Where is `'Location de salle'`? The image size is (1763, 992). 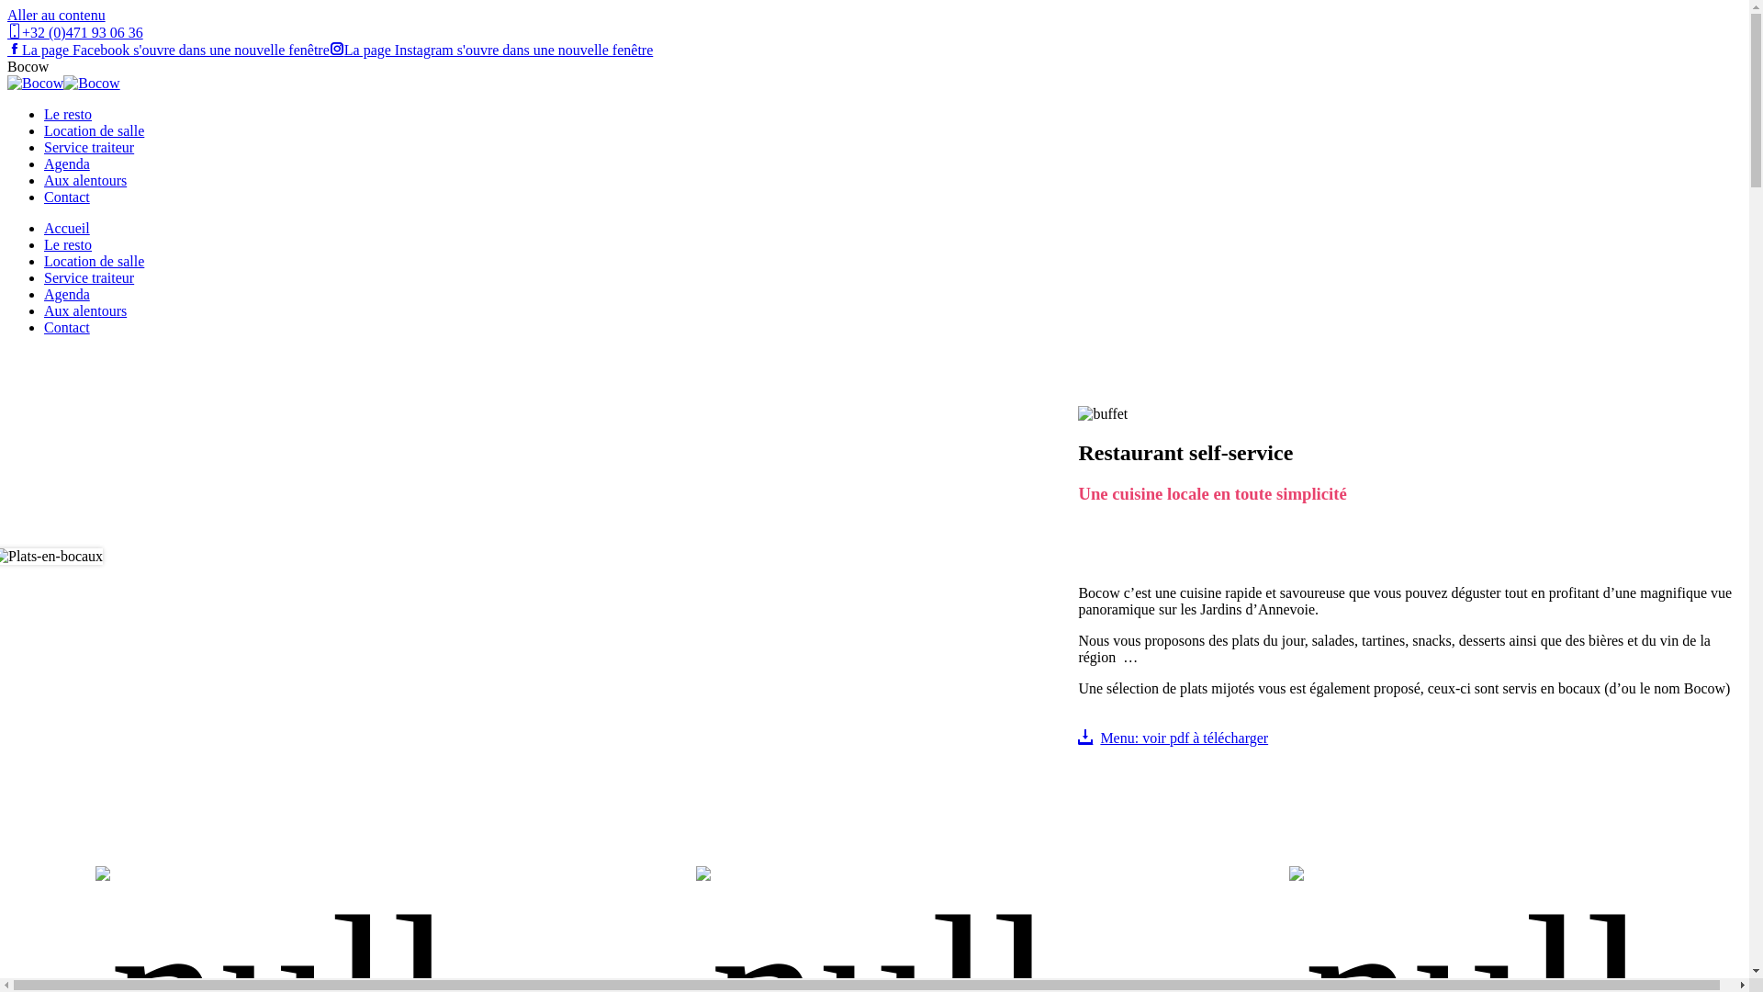
'Location de salle' is located at coordinates (93, 130).